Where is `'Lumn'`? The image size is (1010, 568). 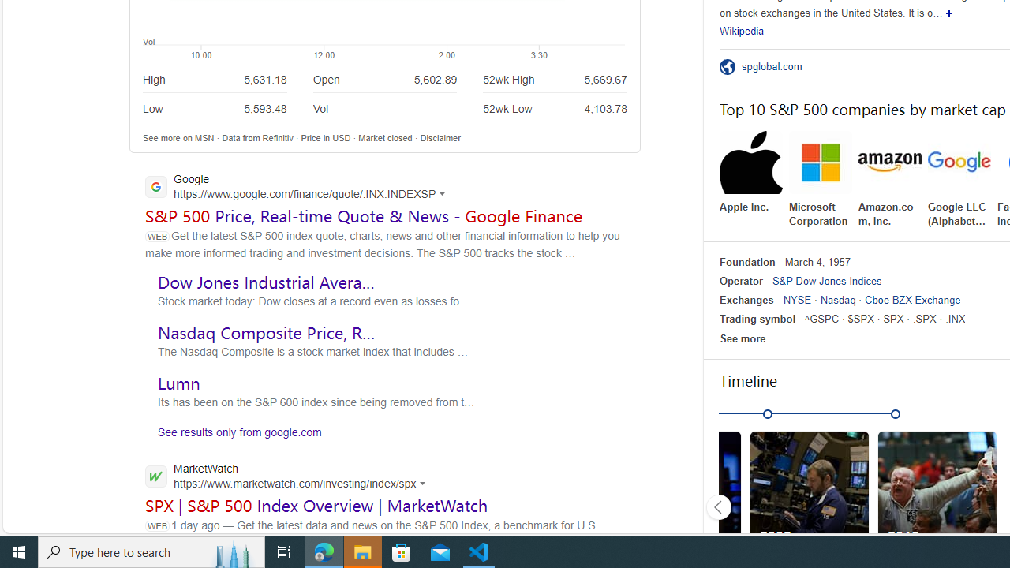 'Lumn' is located at coordinates (178, 383).